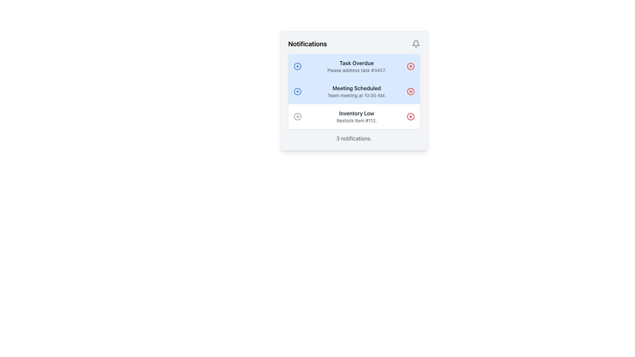 This screenshot has height=357, width=635. I want to click on the text block that informs the user about a scheduled meeting, positioned as the second notification in the Notifications panel, so click(356, 92).